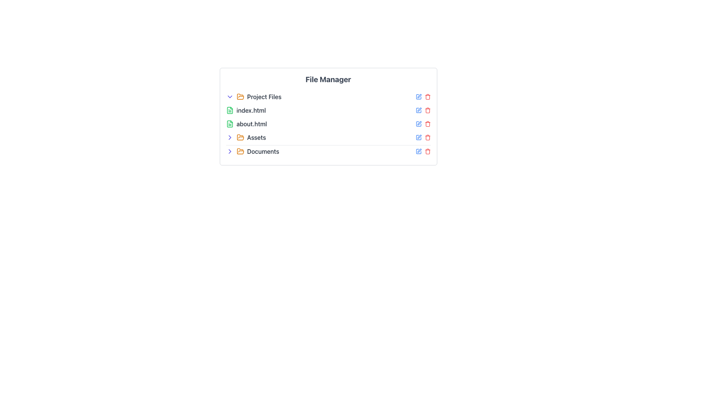 The width and height of the screenshot is (725, 407). Describe the element at coordinates (427, 138) in the screenshot. I see `the delete button located at the right edge of the 'Documents' row in the file manager` at that location.